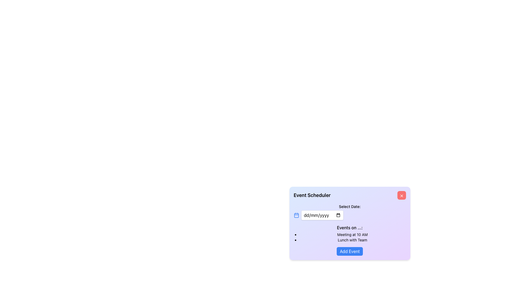 This screenshot has height=291, width=518. Describe the element at coordinates (312, 195) in the screenshot. I see `the 'Event Scheduler' title text, which is a large, bold label positioned at the top-left corner of its light-colored rectangular section in the lower-right quadrant of the interface` at that location.